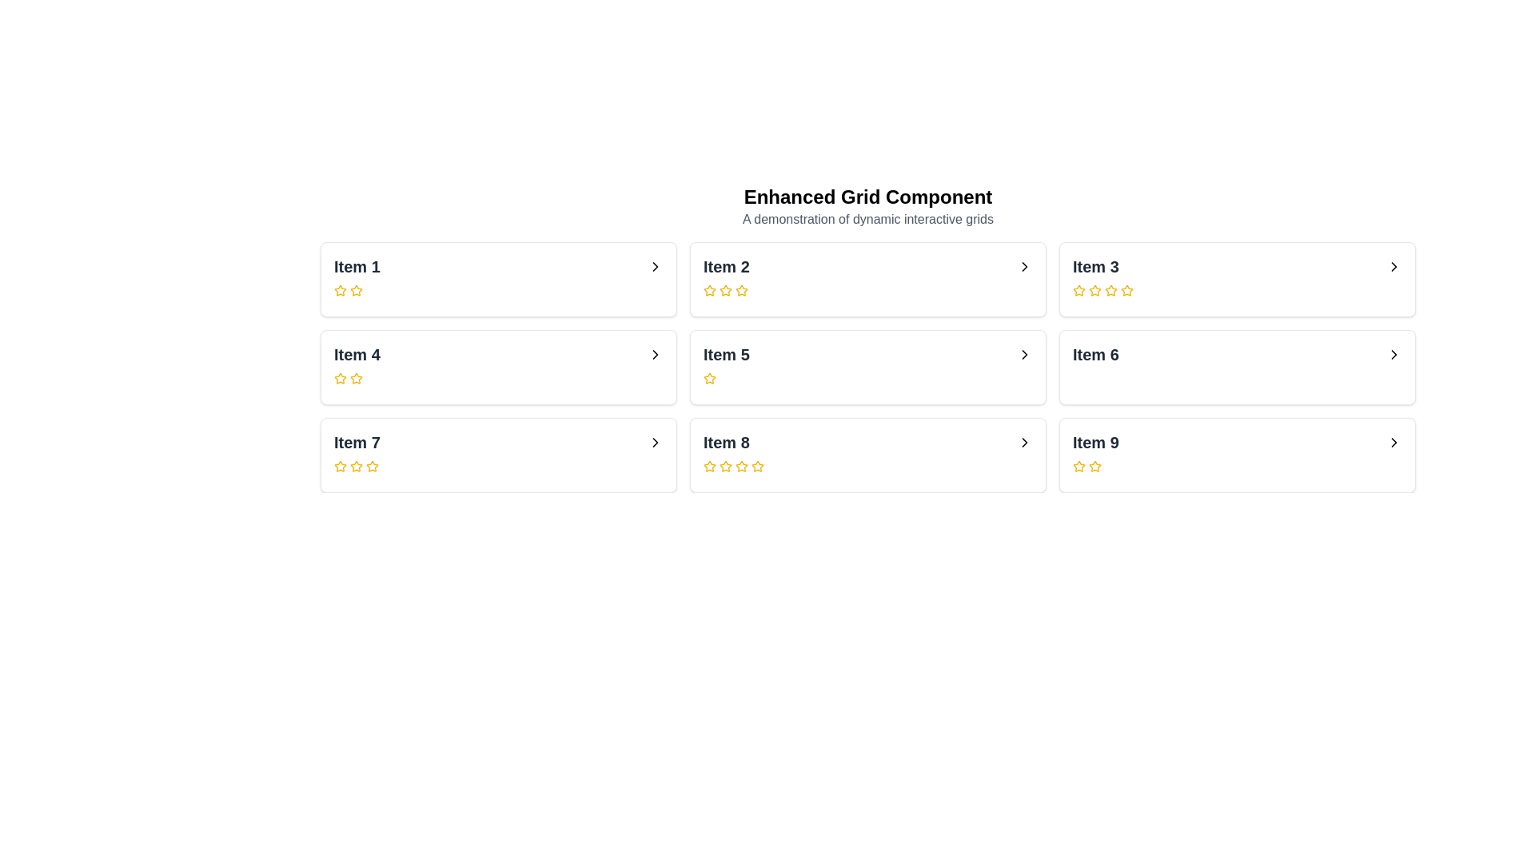 This screenshot has height=863, width=1535. Describe the element at coordinates (340, 466) in the screenshot. I see `the leftmost star icon in the Star-shaped rating indicator for 'Item 7'` at that location.